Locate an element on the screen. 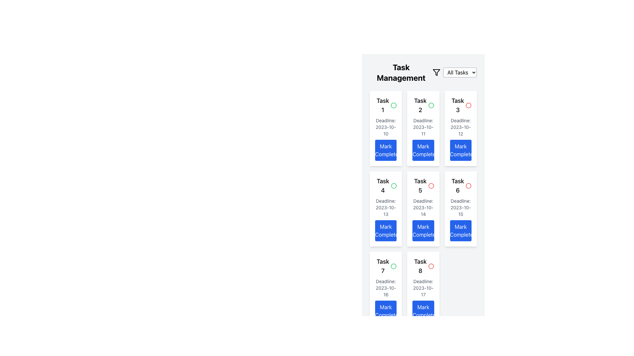 The width and height of the screenshot is (634, 356). the Circular Status Indicator for 'Task 4', which is located in the second row and first column of the grid layout under 'Task Management'. This element is green, indicating a positive status is located at coordinates (394, 186).